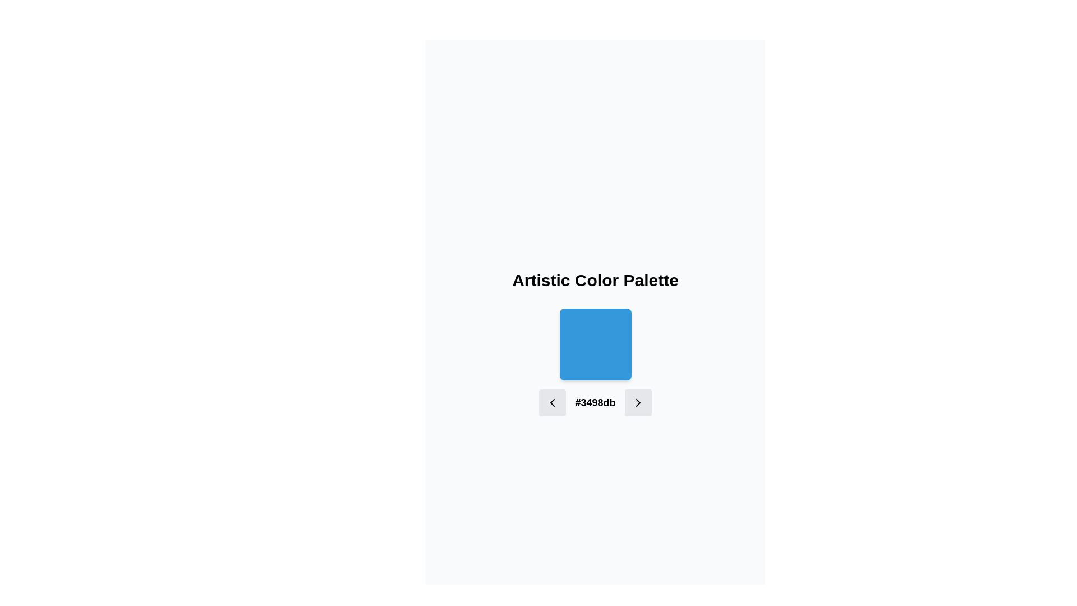  What do you see at coordinates (638, 402) in the screenshot?
I see `the rightward-facing chevron button` at bounding box center [638, 402].